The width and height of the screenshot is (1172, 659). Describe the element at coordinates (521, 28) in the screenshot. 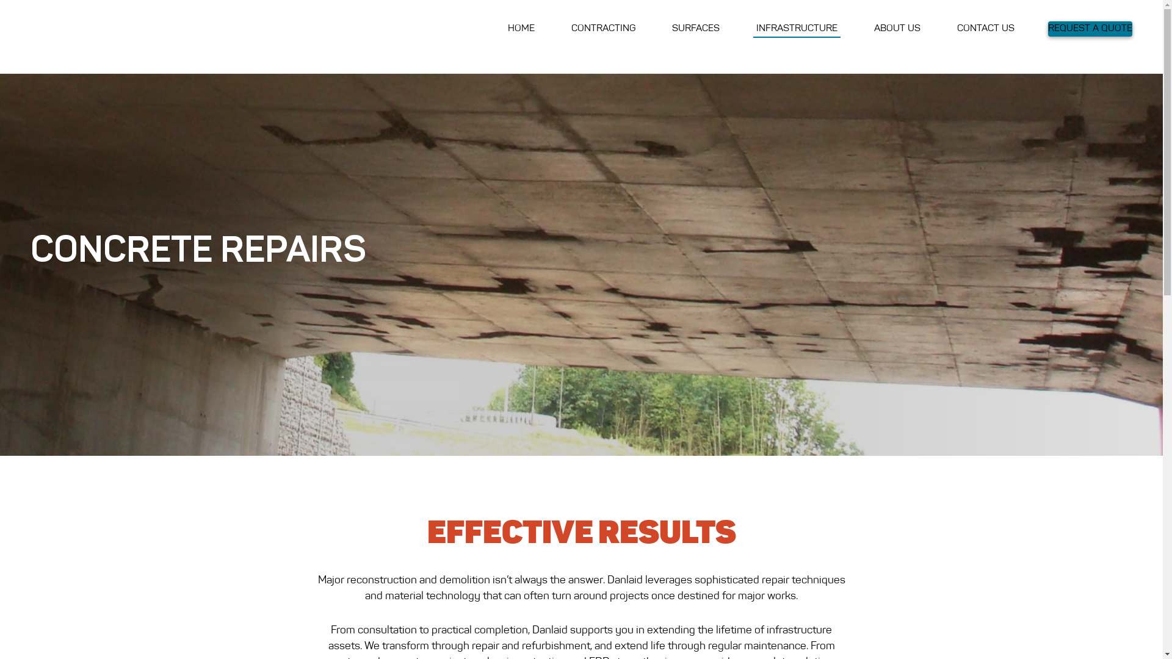

I see `'HOME'` at that location.